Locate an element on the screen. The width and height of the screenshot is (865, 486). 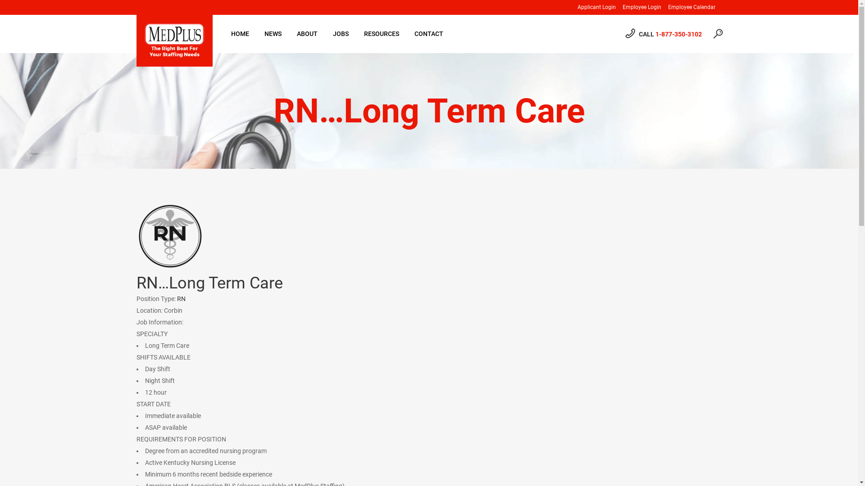
'RESOURCES' is located at coordinates (381, 33).